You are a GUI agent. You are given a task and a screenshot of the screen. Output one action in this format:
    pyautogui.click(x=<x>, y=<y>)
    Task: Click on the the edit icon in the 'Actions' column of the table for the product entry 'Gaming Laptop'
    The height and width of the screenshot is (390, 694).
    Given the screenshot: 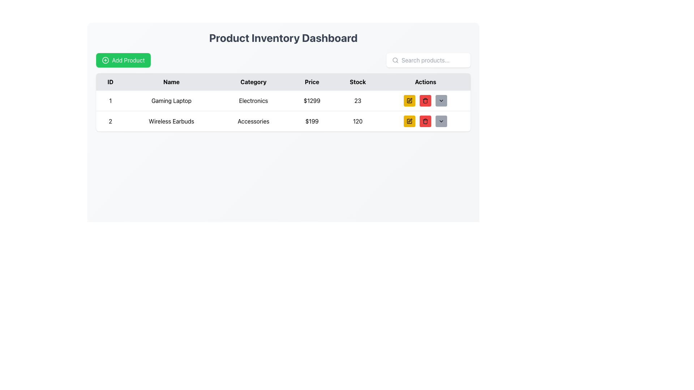 What is the action you would take?
    pyautogui.click(x=410, y=100)
    